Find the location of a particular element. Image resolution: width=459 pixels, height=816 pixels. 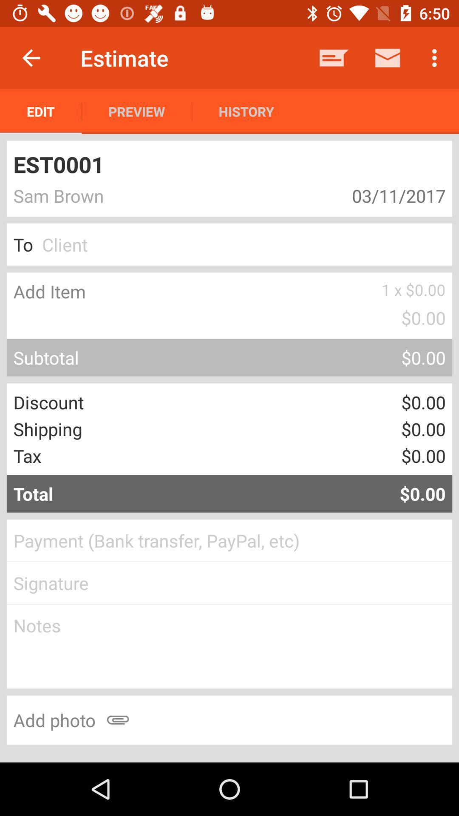

app to the left of preview is located at coordinates (41, 111).